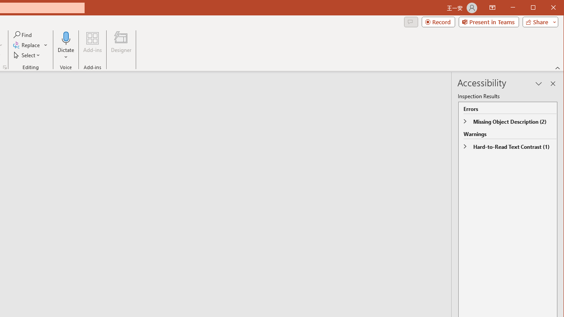  What do you see at coordinates (23, 34) in the screenshot?
I see `'Find...'` at bounding box center [23, 34].